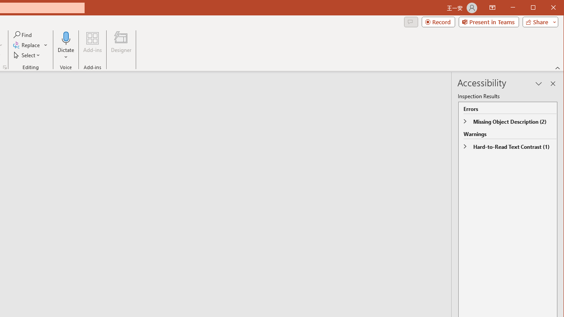  What do you see at coordinates (23, 34) in the screenshot?
I see `'Find...'` at bounding box center [23, 34].